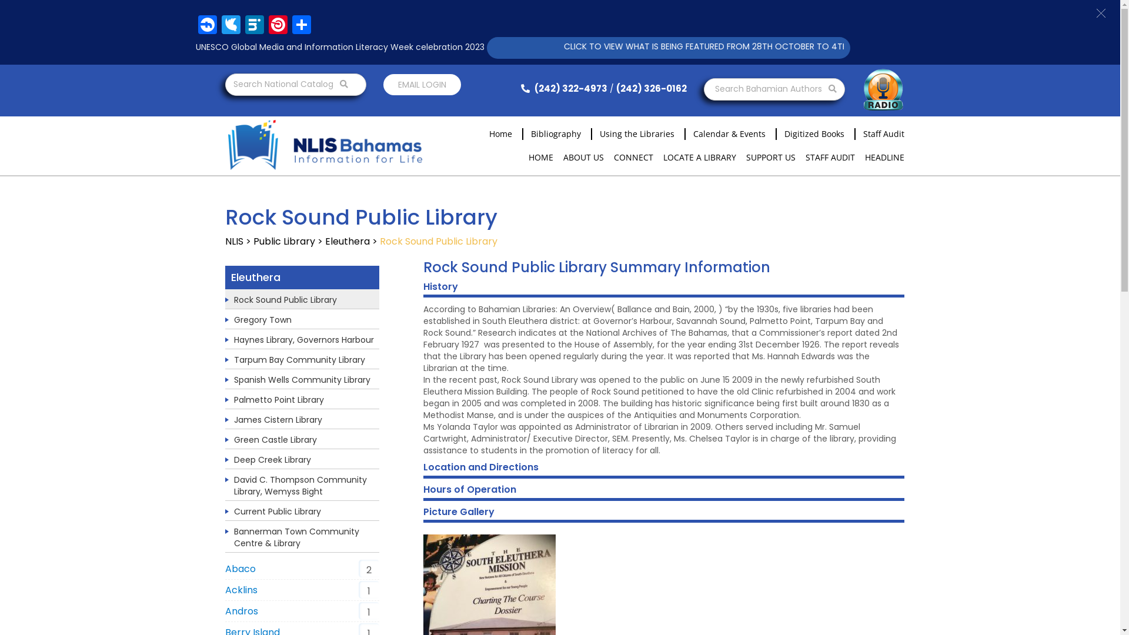 Image resolution: width=1129 pixels, height=635 pixels. What do you see at coordinates (234, 440) in the screenshot?
I see `'Green Castle Library'` at bounding box center [234, 440].